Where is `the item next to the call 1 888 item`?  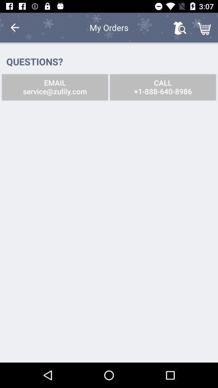 the item next to the call 1 888 item is located at coordinates (55, 87).